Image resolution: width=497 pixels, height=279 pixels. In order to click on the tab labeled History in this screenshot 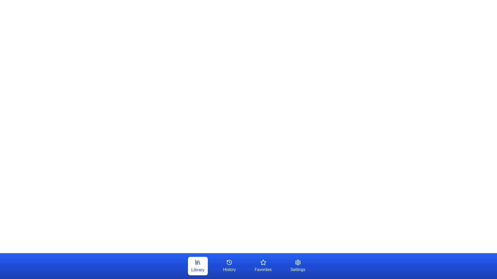, I will do `click(229, 266)`.